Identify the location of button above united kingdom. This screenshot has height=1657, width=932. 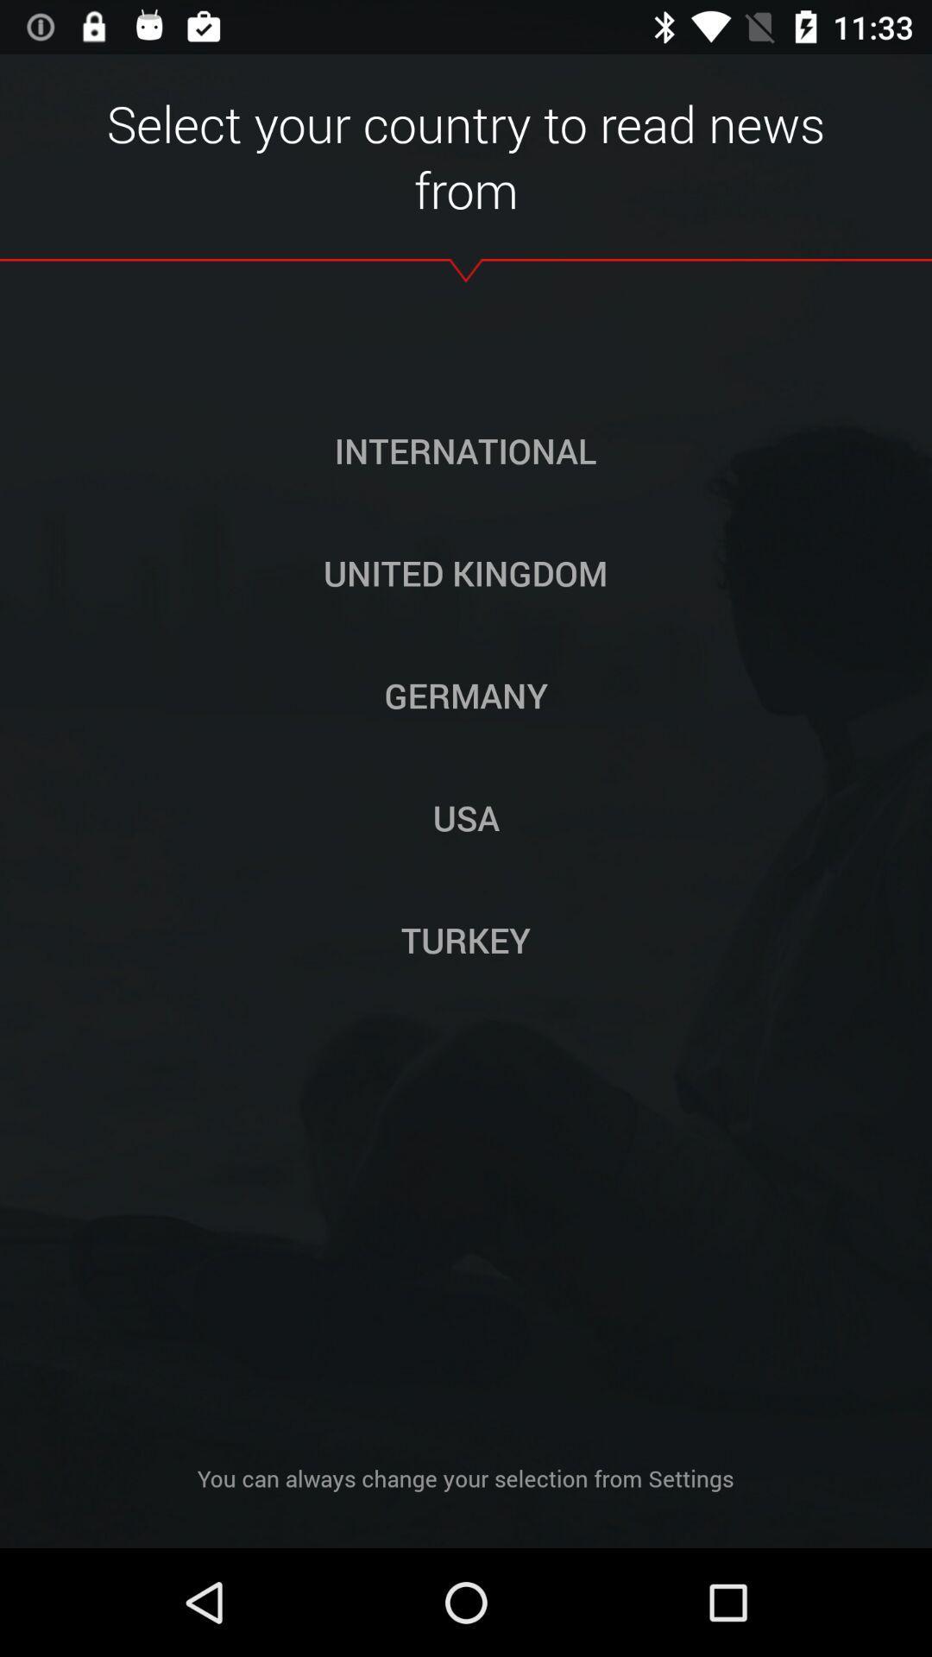
(464, 450).